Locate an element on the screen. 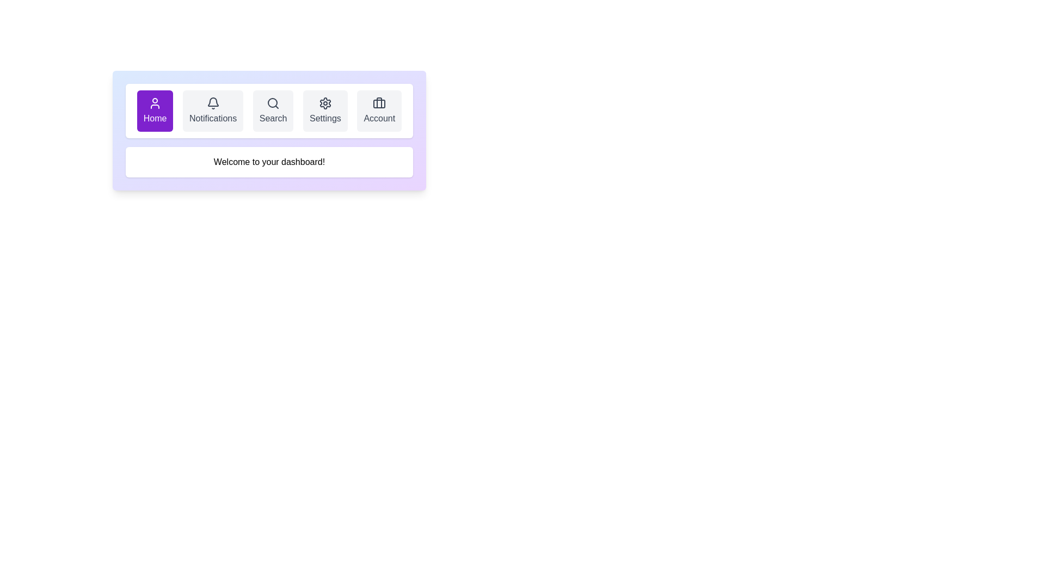 Image resolution: width=1045 pixels, height=588 pixels. the small gear icon representing settings, located centrally within the 'Settings' button is located at coordinates (324, 103).